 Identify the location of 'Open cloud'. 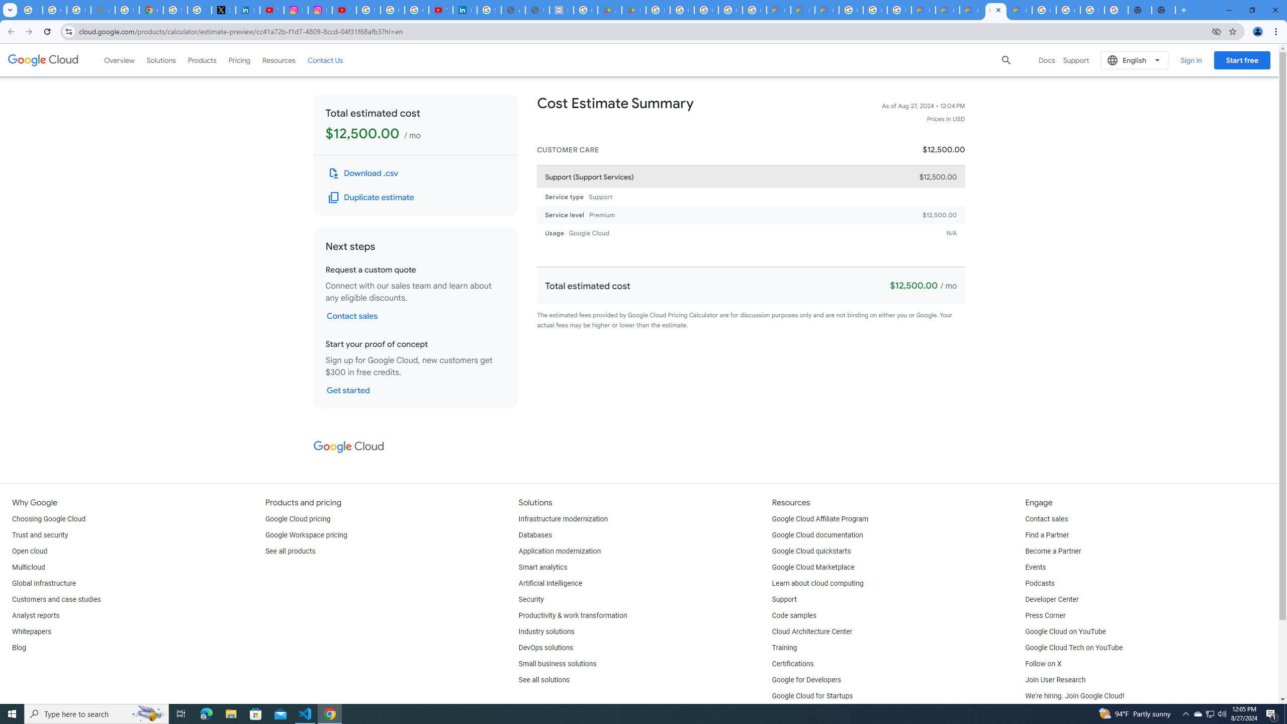
(29, 551).